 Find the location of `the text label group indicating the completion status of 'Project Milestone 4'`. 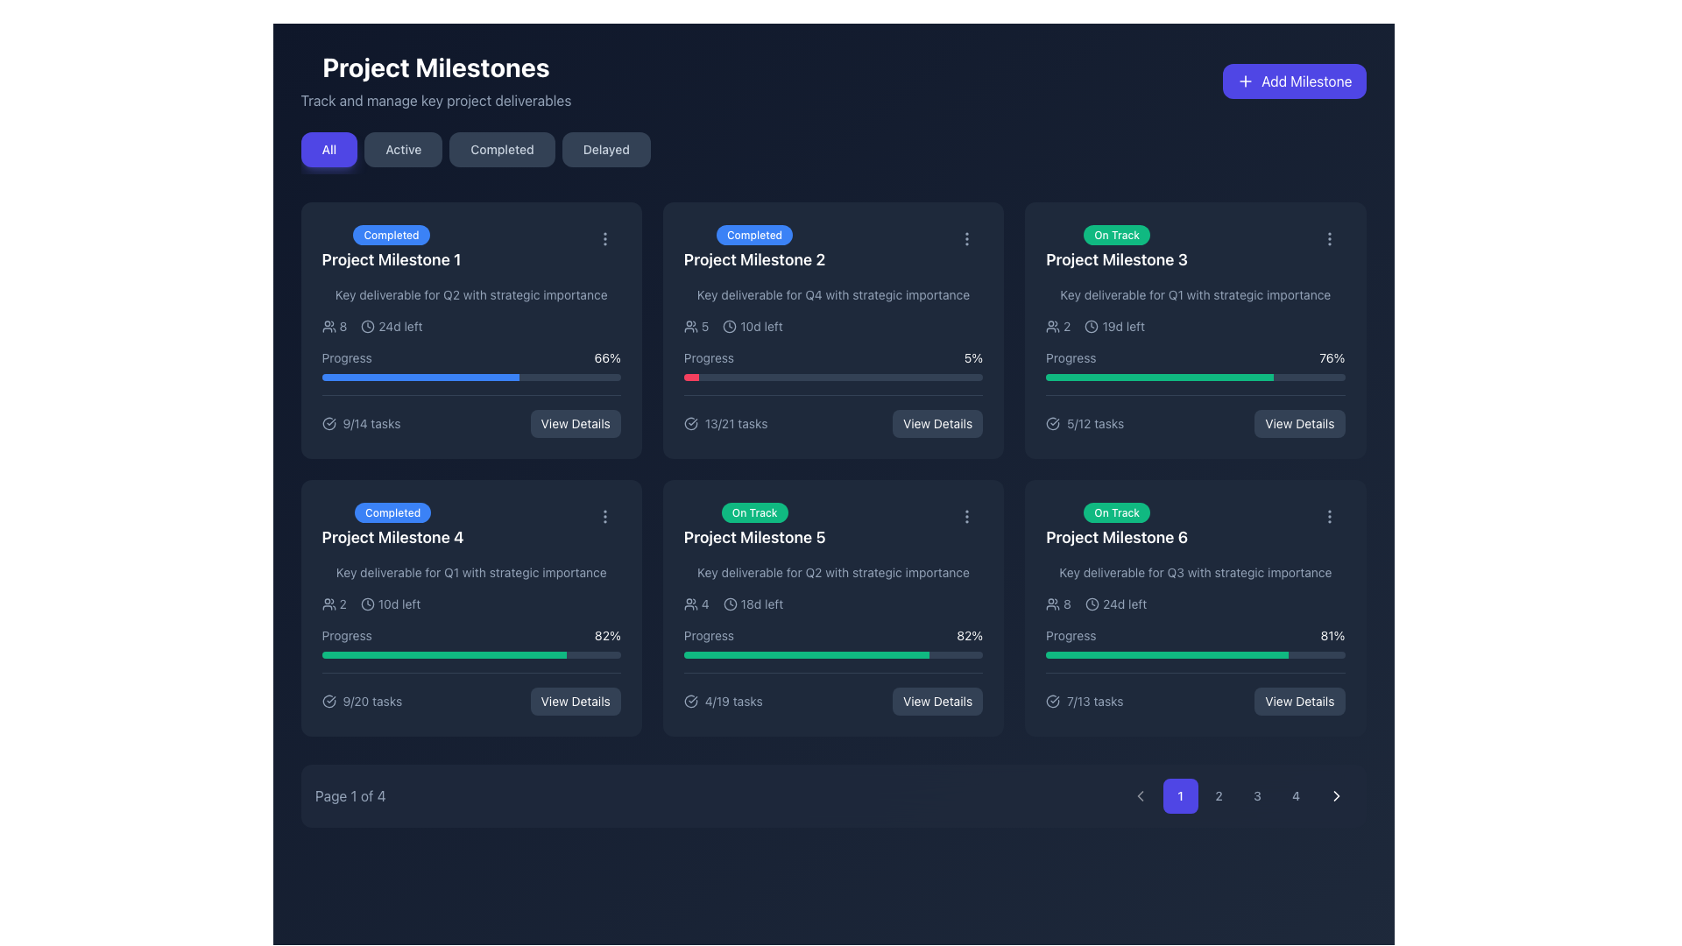

the text label group indicating the completion status of 'Project Milestone 4' is located at coordinates (392, 525).